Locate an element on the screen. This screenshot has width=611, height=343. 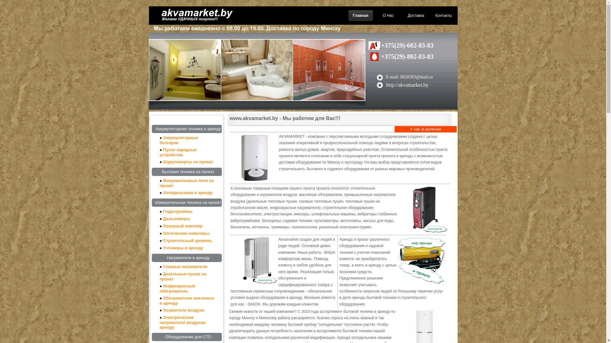
'akvamarket.by' is located at coordinates (200, 19).